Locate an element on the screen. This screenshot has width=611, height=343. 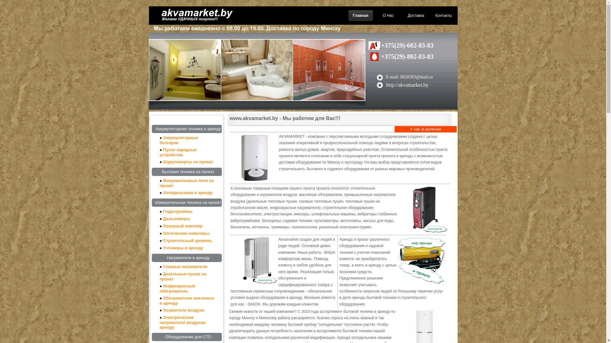
'akvamarket.by' is located at coordinates (200, 19).